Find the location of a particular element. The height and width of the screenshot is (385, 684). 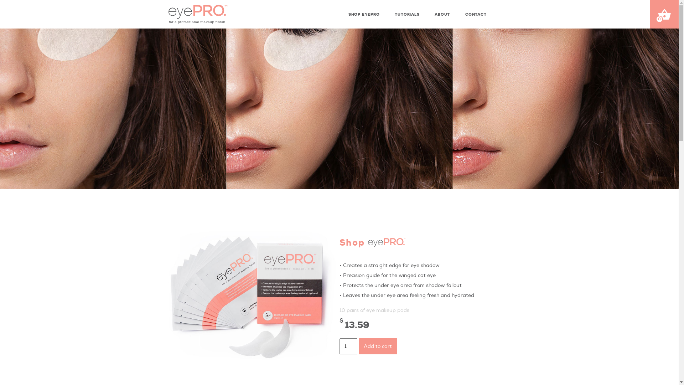

'SHOP EYEPRO' is located at coordinates (363, 12).